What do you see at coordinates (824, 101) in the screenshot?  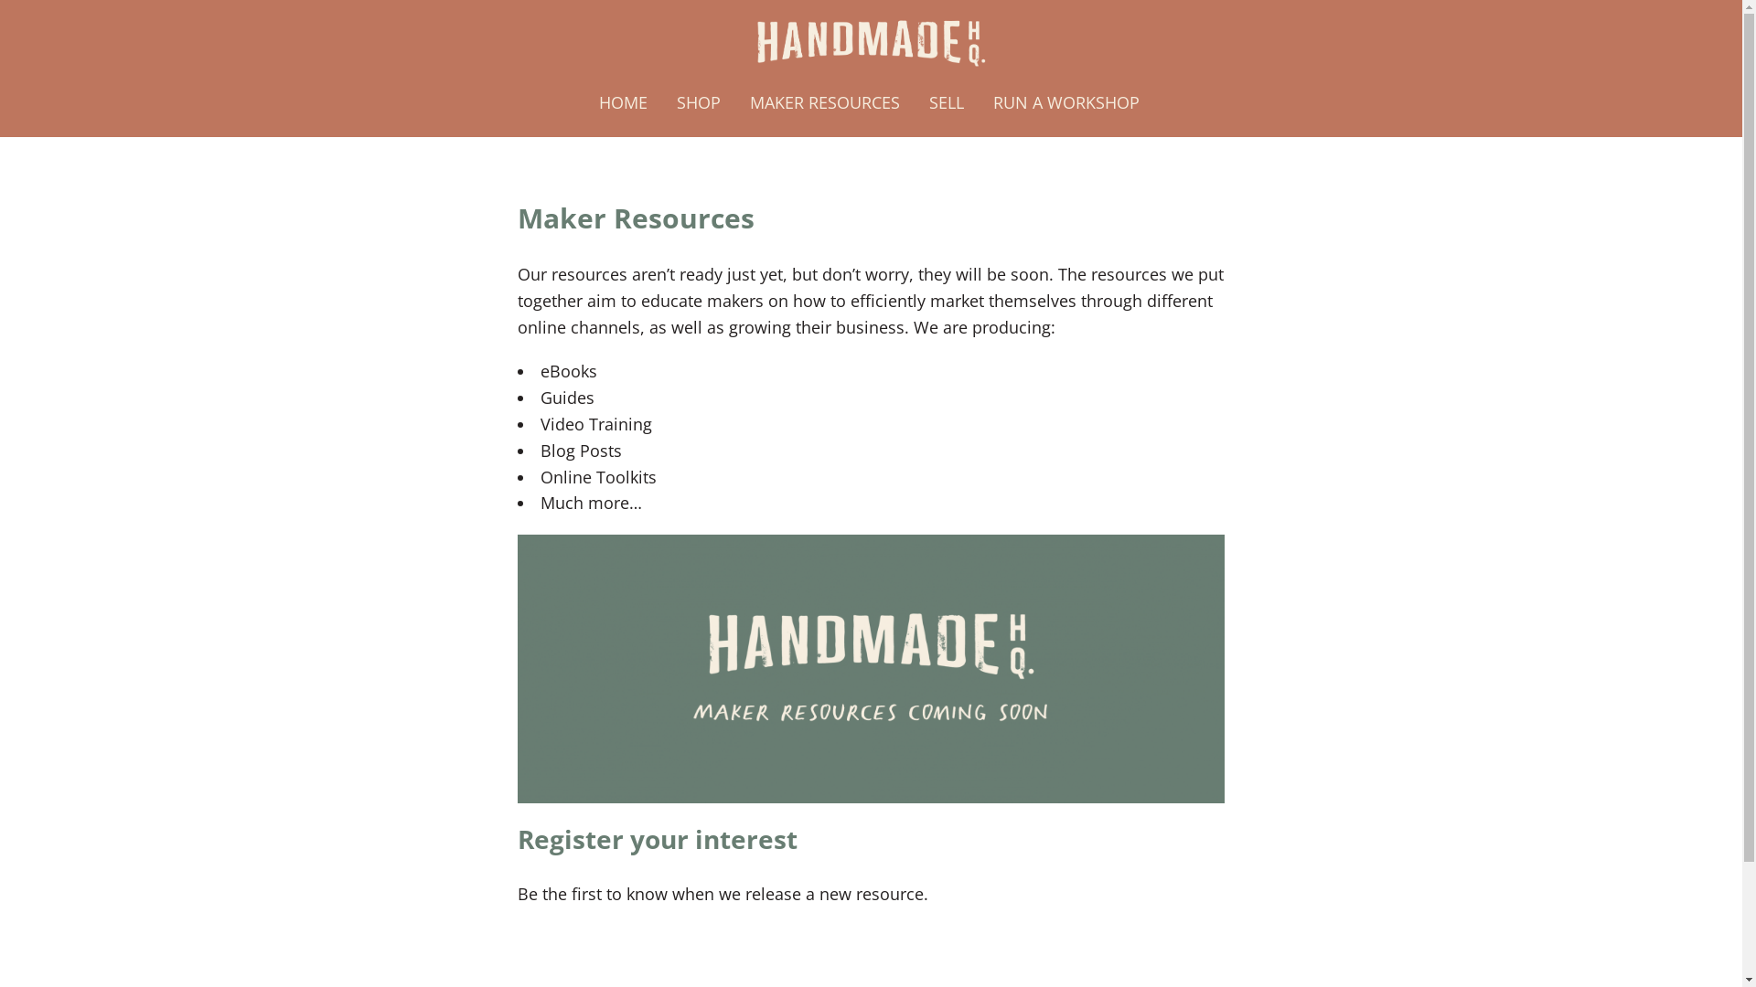 I see `'MAKER RESOURCES'` at bounding box center [824, 101].